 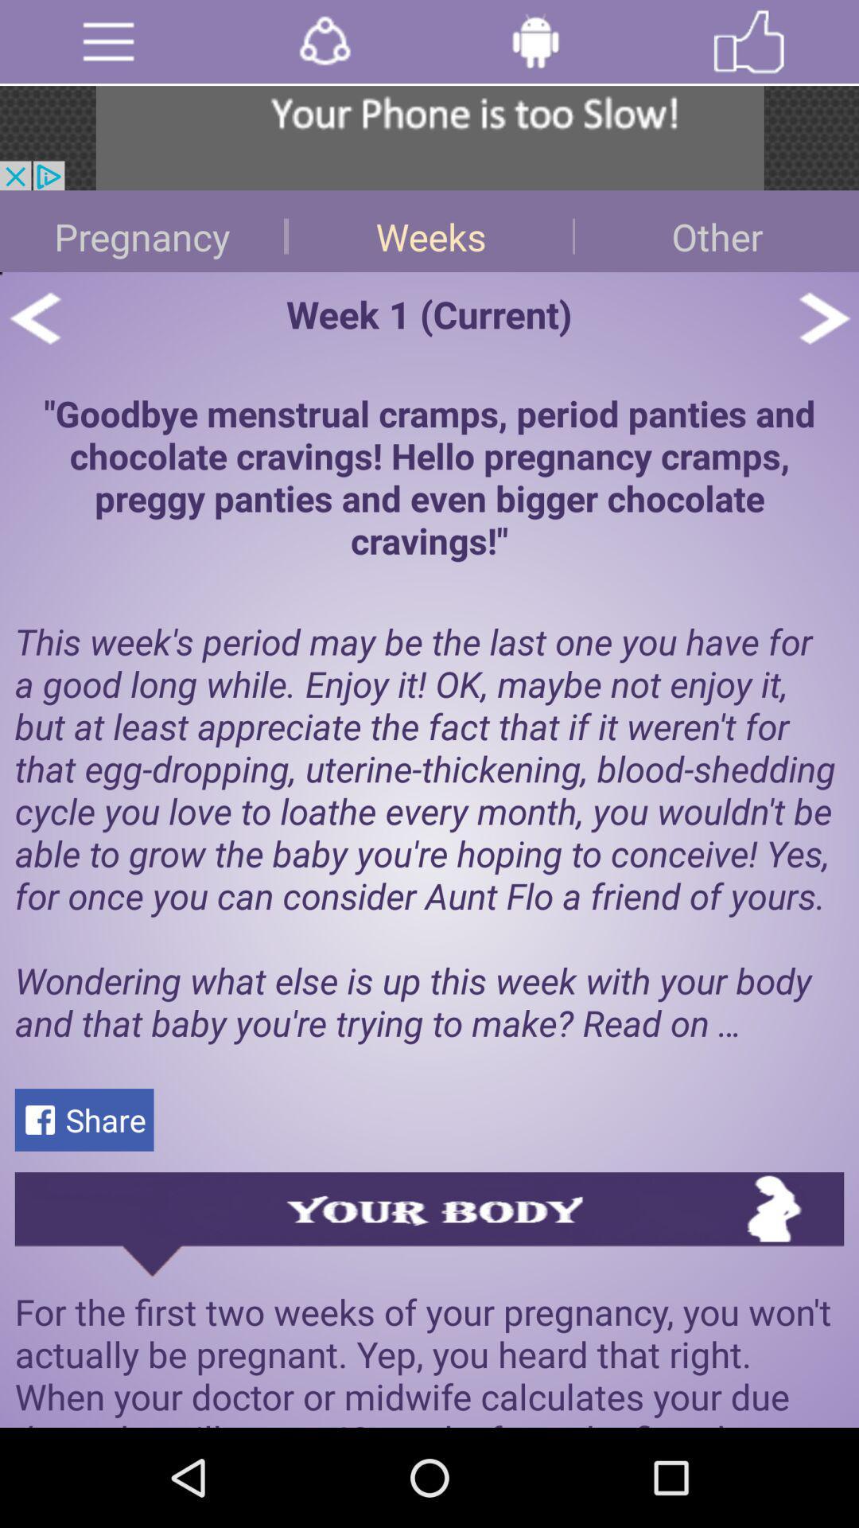 What do you see at coordinates (429, 138) in the screenshot?
I see `system advertisement` at bounding box center [429, 138].